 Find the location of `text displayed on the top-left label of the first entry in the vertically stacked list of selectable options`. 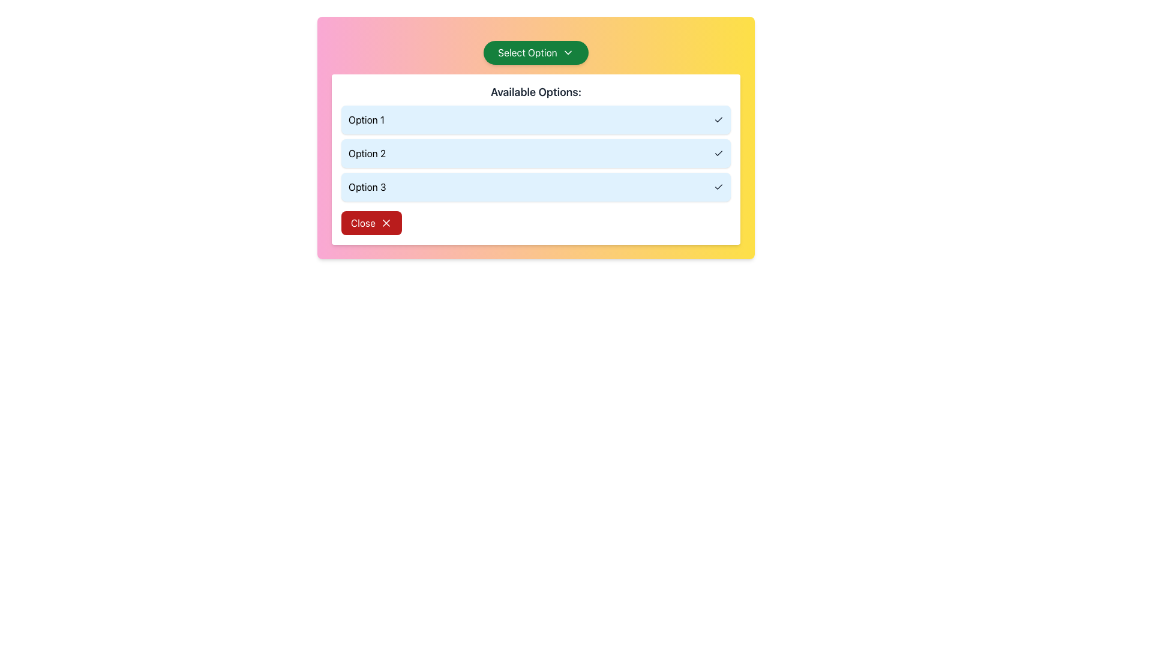

text displayed on the top-left label of the first entry in the vertically stacked list of selectable options is located at coordinates (366, 120).